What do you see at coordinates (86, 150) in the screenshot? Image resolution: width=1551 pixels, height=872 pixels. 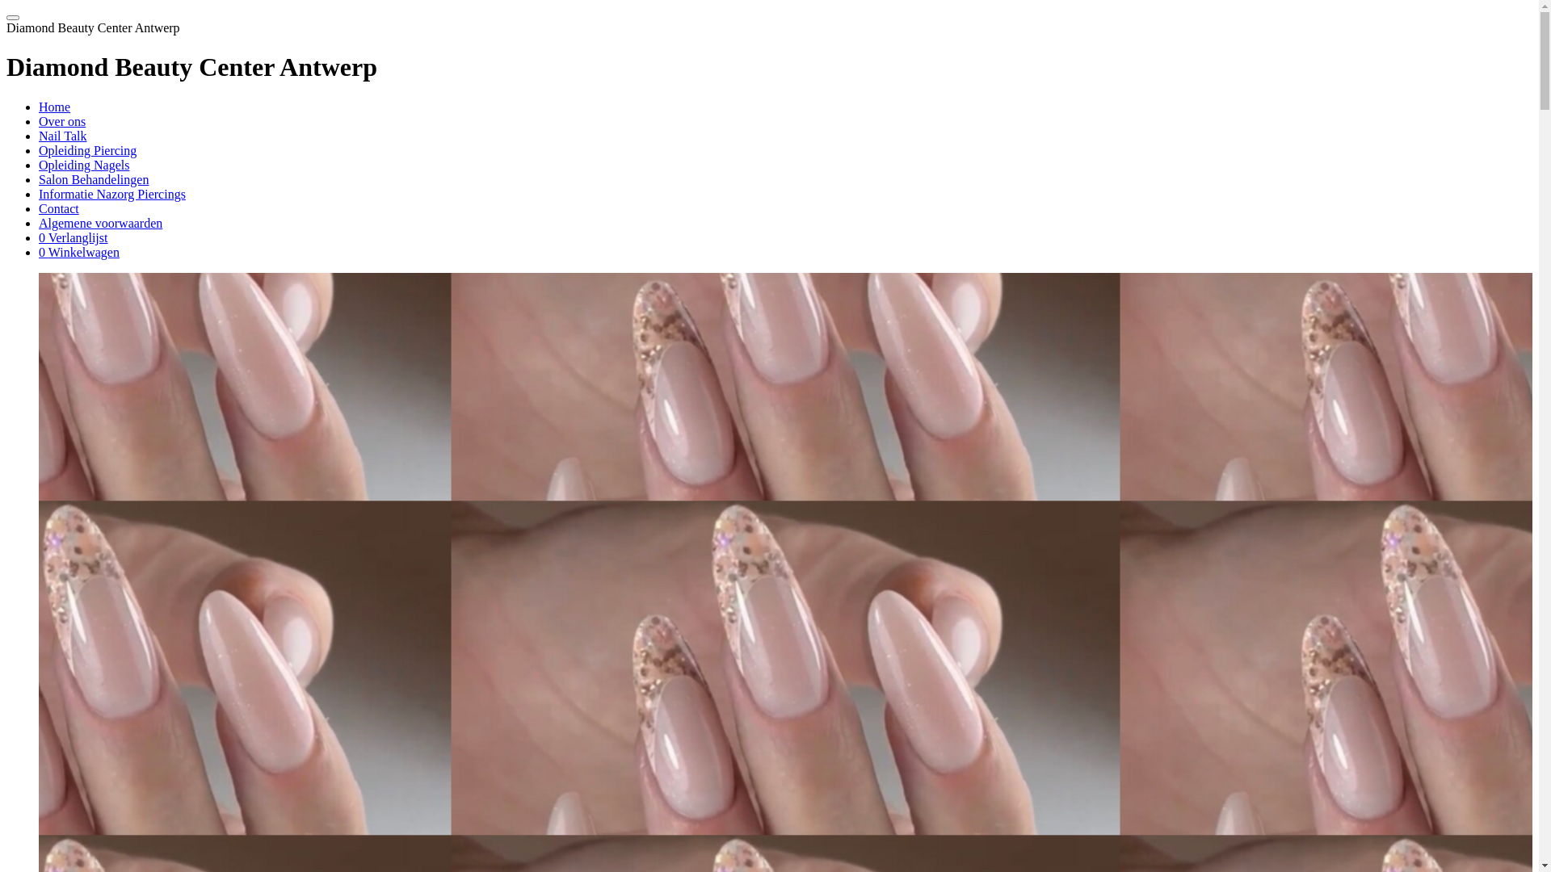 I see `'Opleiding Piercing'` at bounding box center [86, 150].